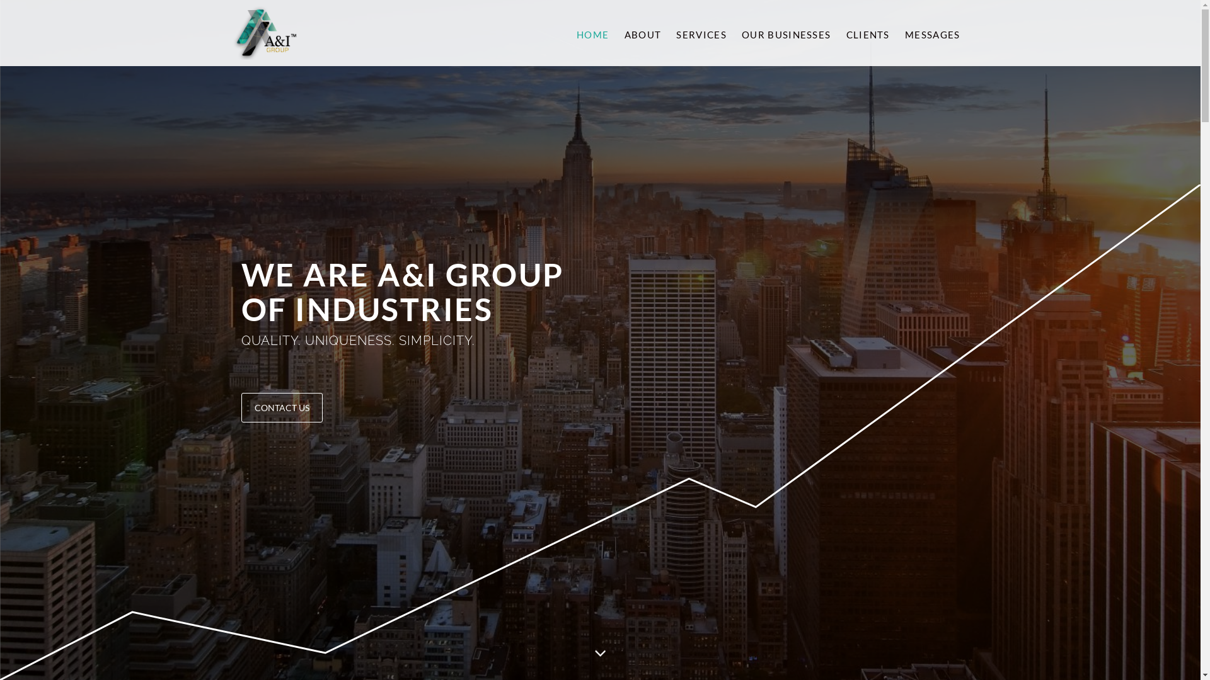 Image resolution: width=1210 pixels, height=680 pixels. Describe the element at coordinates (865, 32) in the screenshot. I see `' CLIENTS'` at that location.